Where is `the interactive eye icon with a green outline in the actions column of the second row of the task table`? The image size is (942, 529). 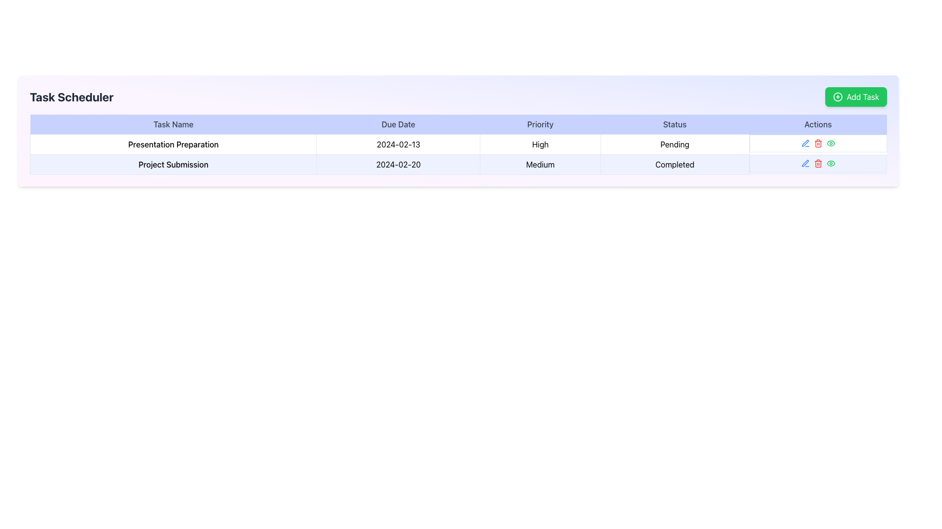 the interactive eye icon with a green outline in the actions column of the second row of the task table is located at coordinates (830, 143).